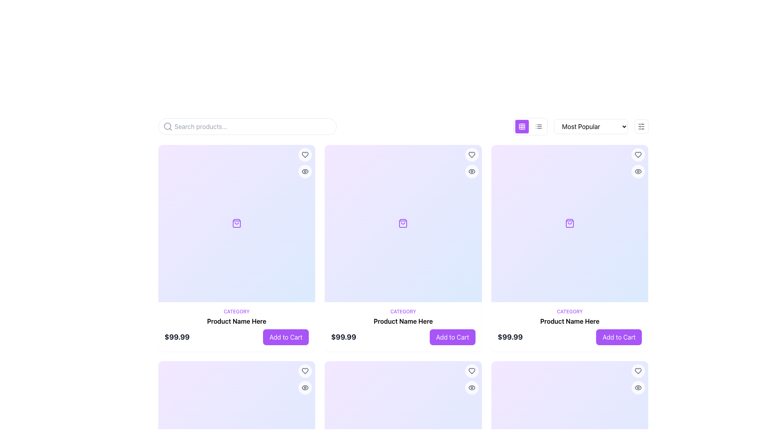 This screenshot has width=764, height=430. Describe the element at coordinates (236, 223) in the screenshot. I see `the shopping cart icon located in the first product card of the top row, which is the leftmost card` at that location.